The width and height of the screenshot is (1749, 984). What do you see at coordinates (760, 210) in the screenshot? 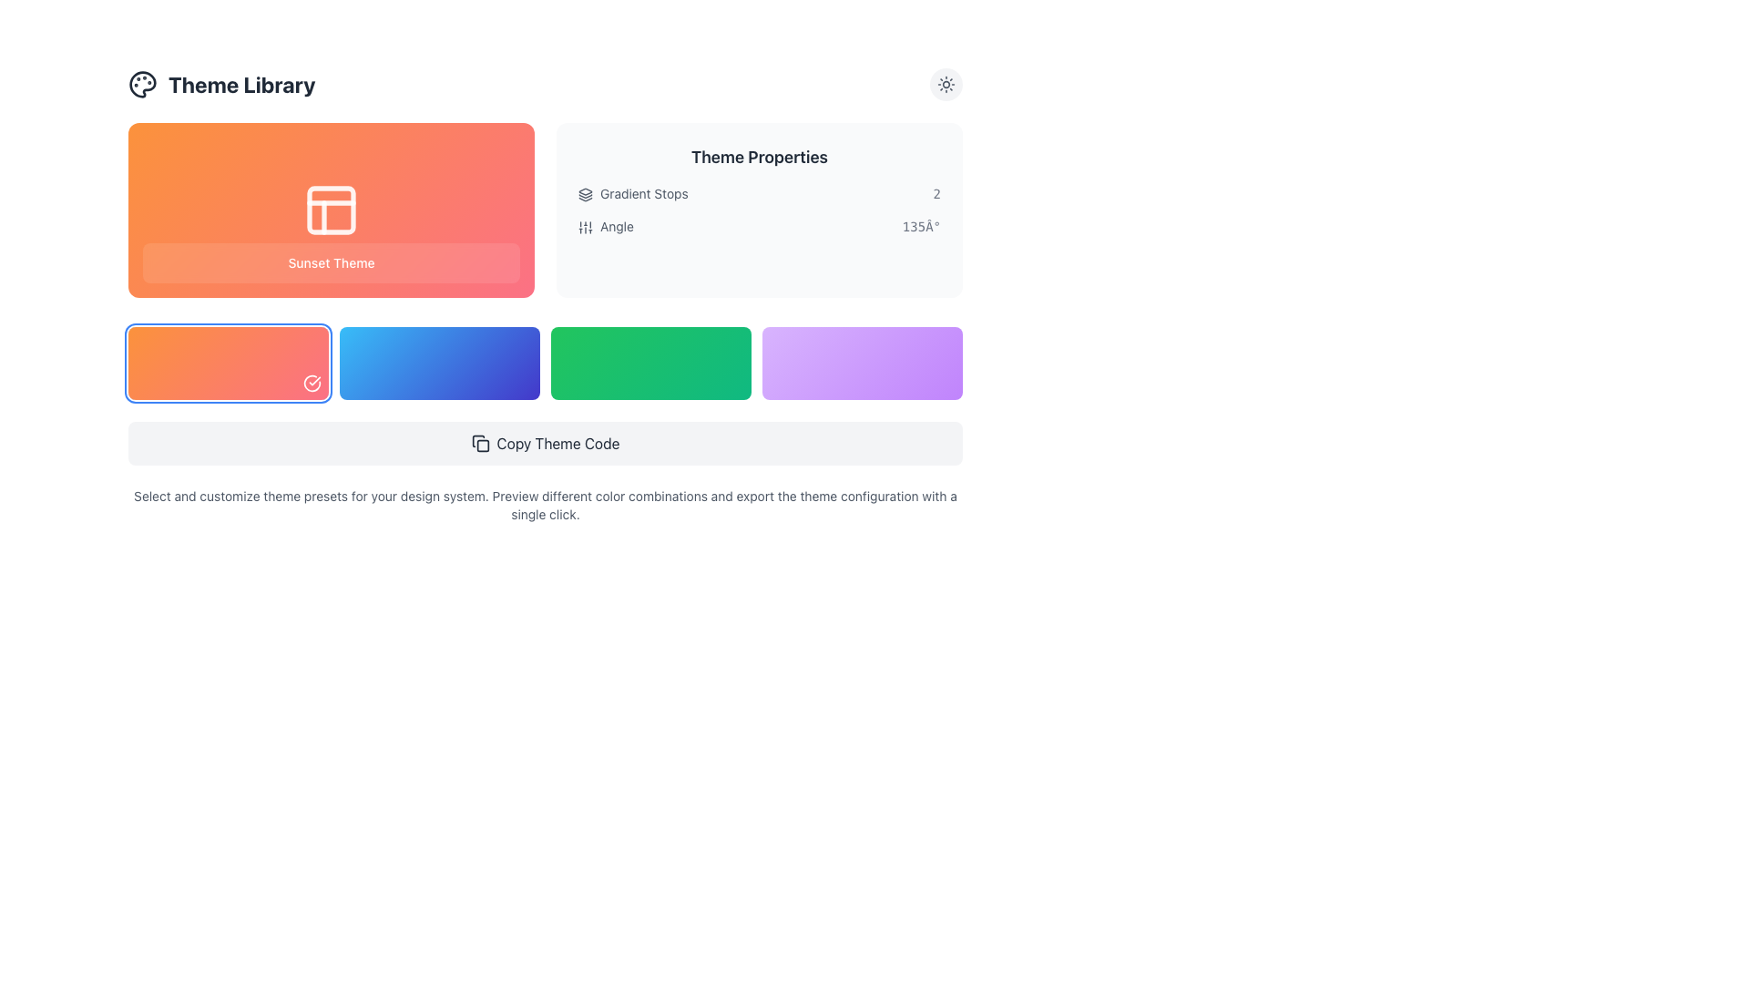
I see `the Informational panel titled 'Theme Properties' which displays 'Gradient Stops' and 'Angle' with their respective values` at bounding box center [760, 210].